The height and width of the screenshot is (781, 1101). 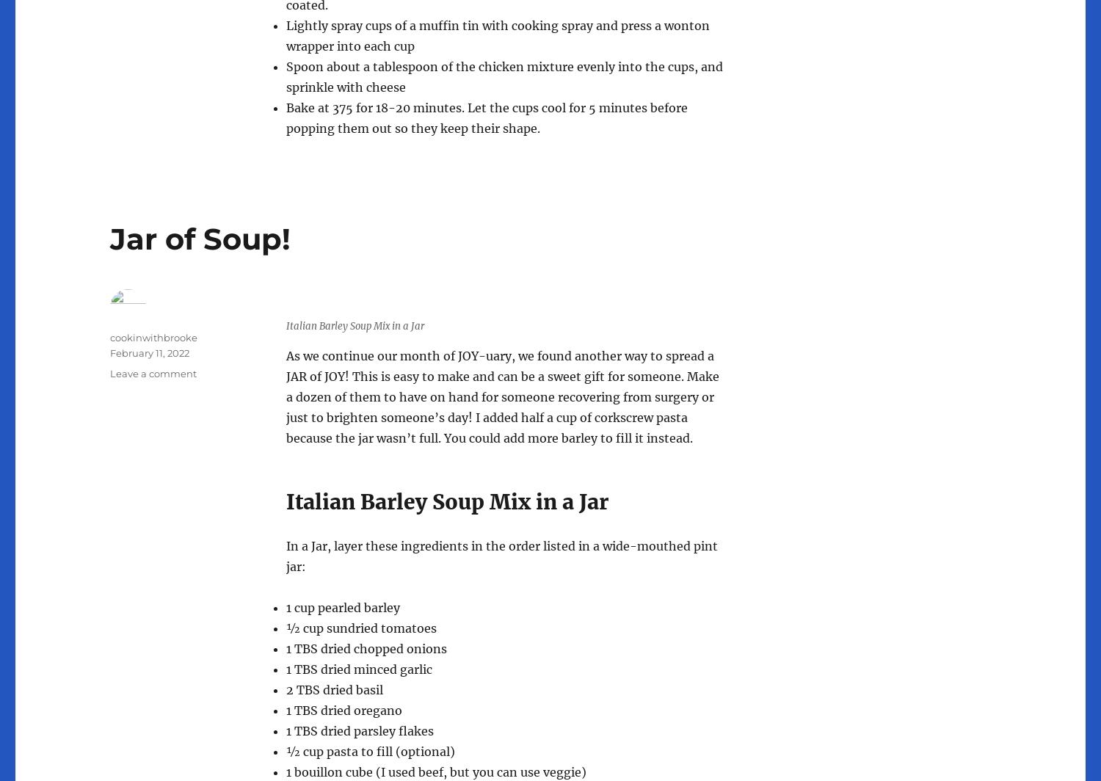 What do you see at coordinates (371, 751) in the screenshot?
I see `'½ cup pasta to fill (optional)'` at bounding box center [371, 751].